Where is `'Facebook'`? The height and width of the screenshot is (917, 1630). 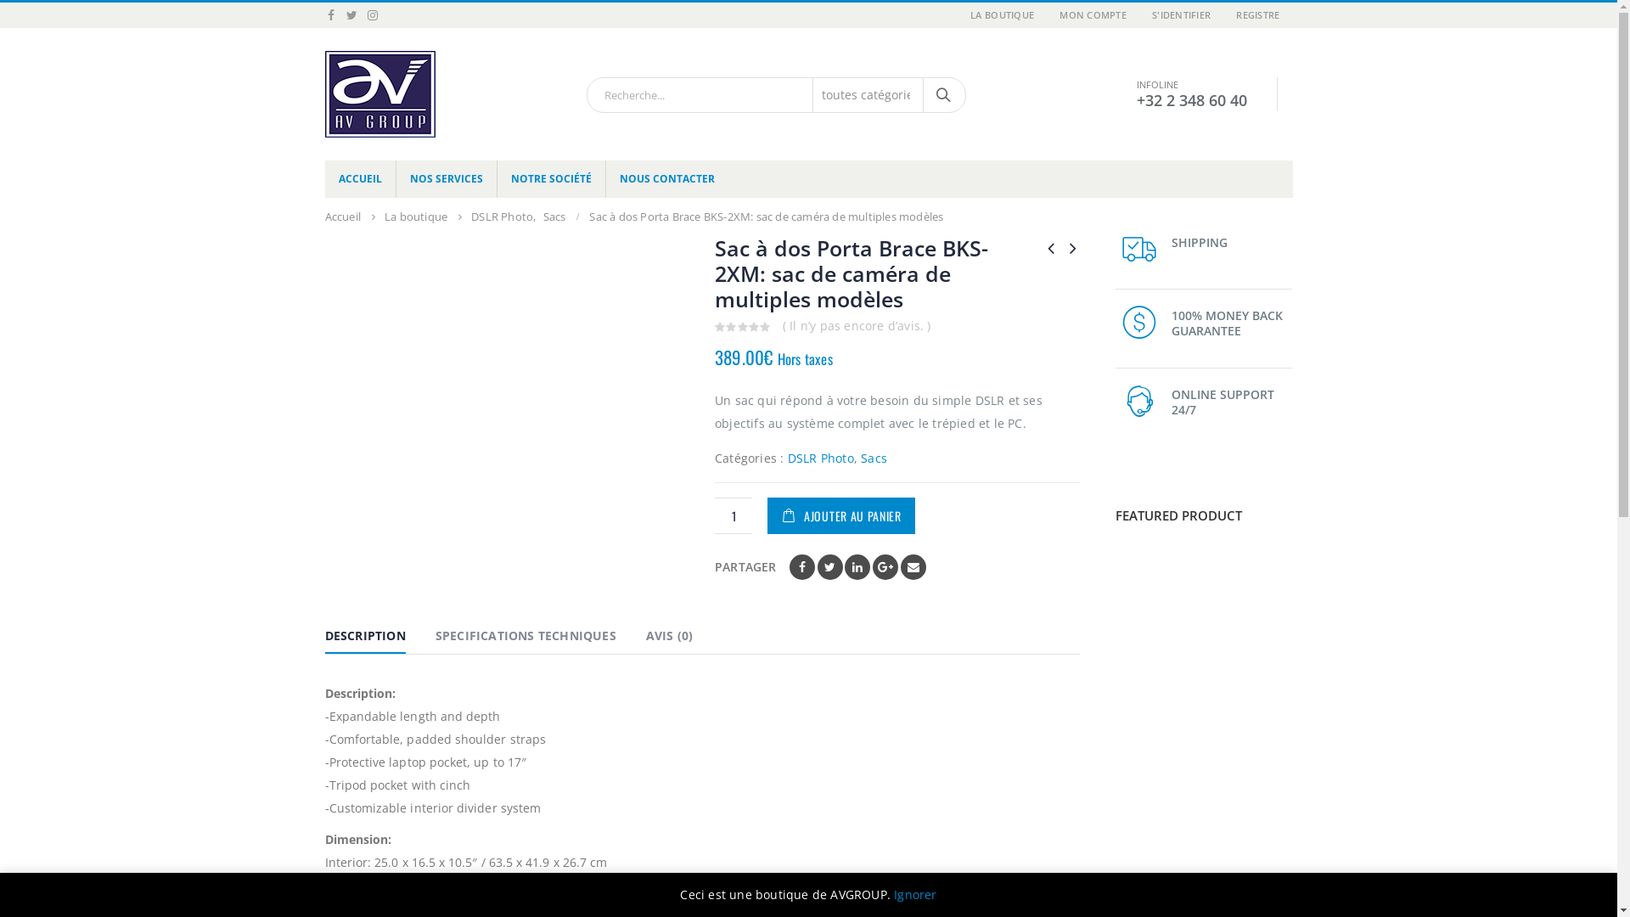 'Facebook' is located at coordinates (801, 566).